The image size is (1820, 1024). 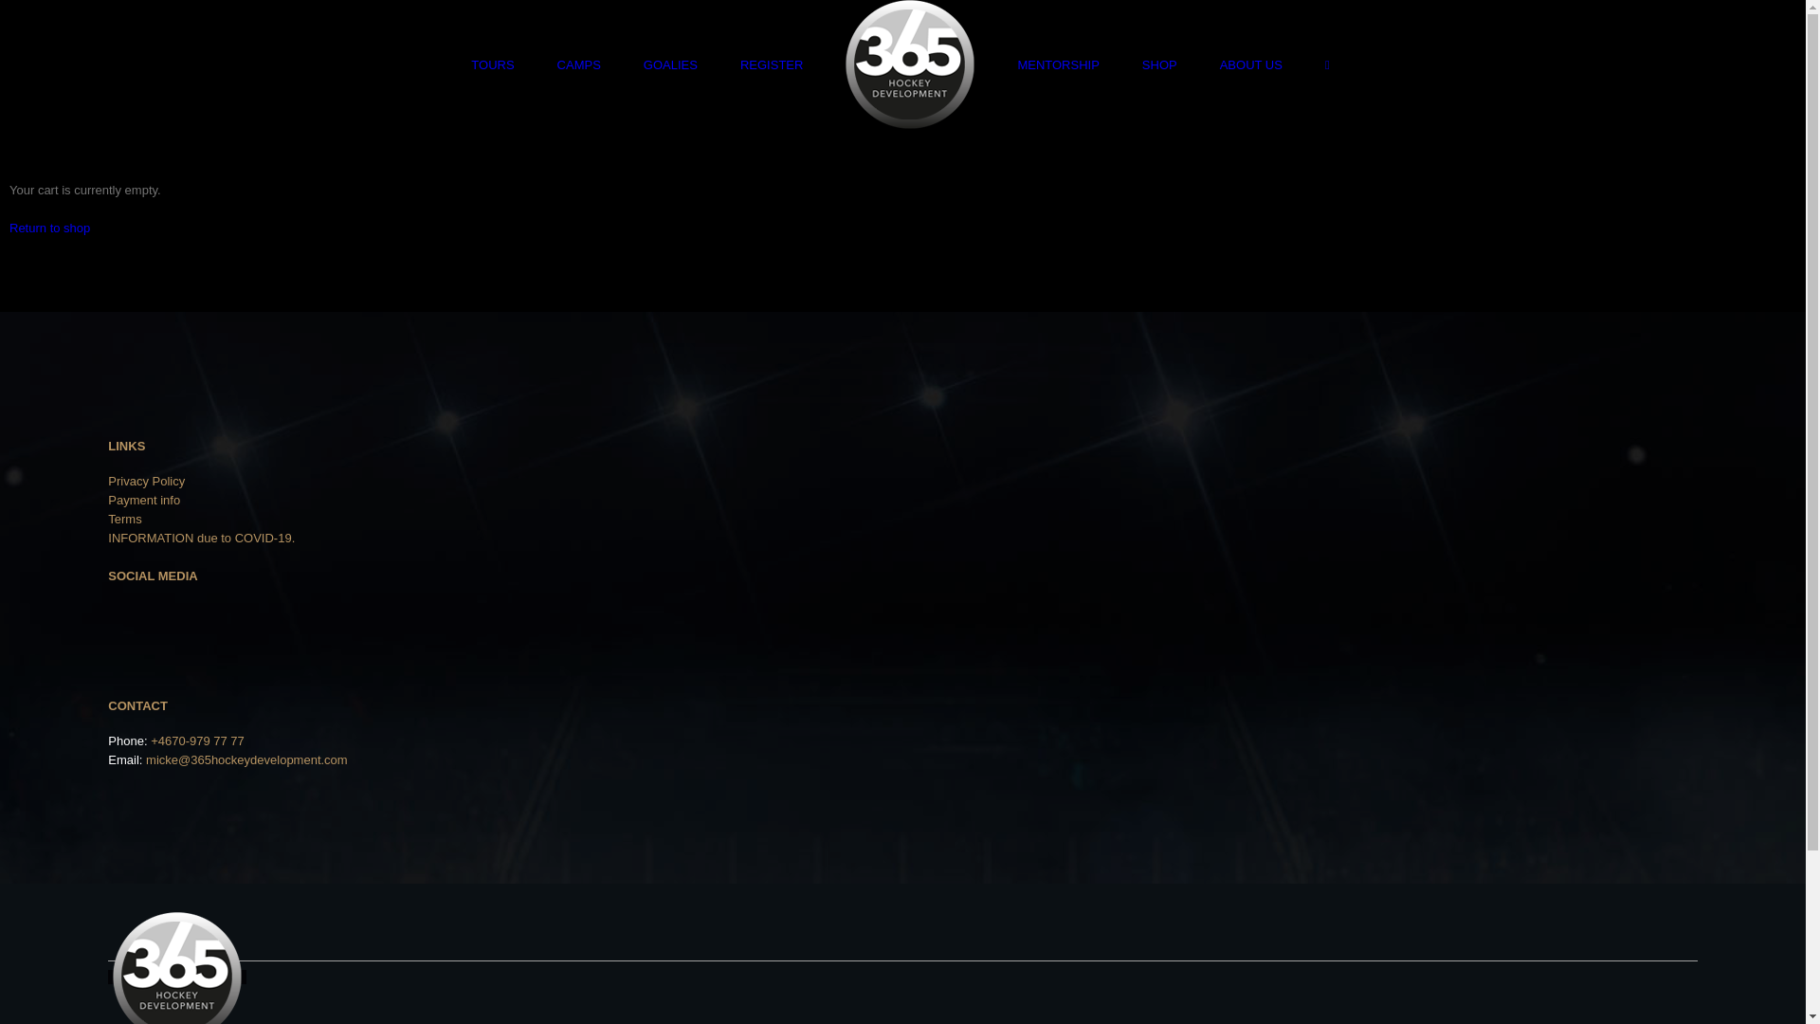 I want to click on 'CAMPS', so click(x=577, y=64).